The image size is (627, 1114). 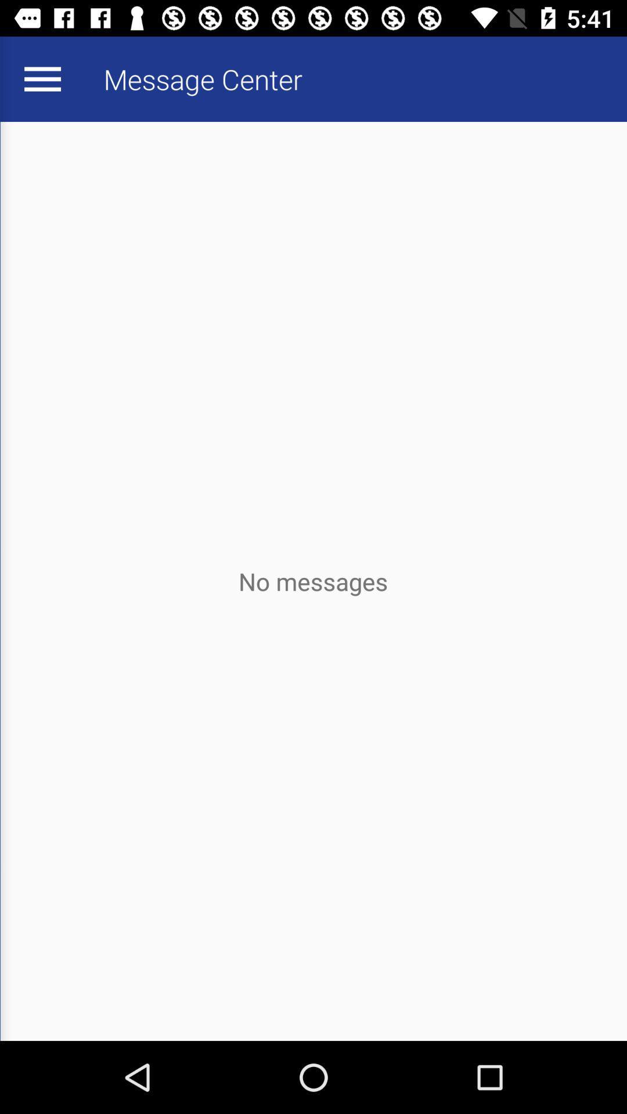 What do you see at coordinates (42, 78) in the screenshot?
I see `menu` at bounding box center [42, 78].